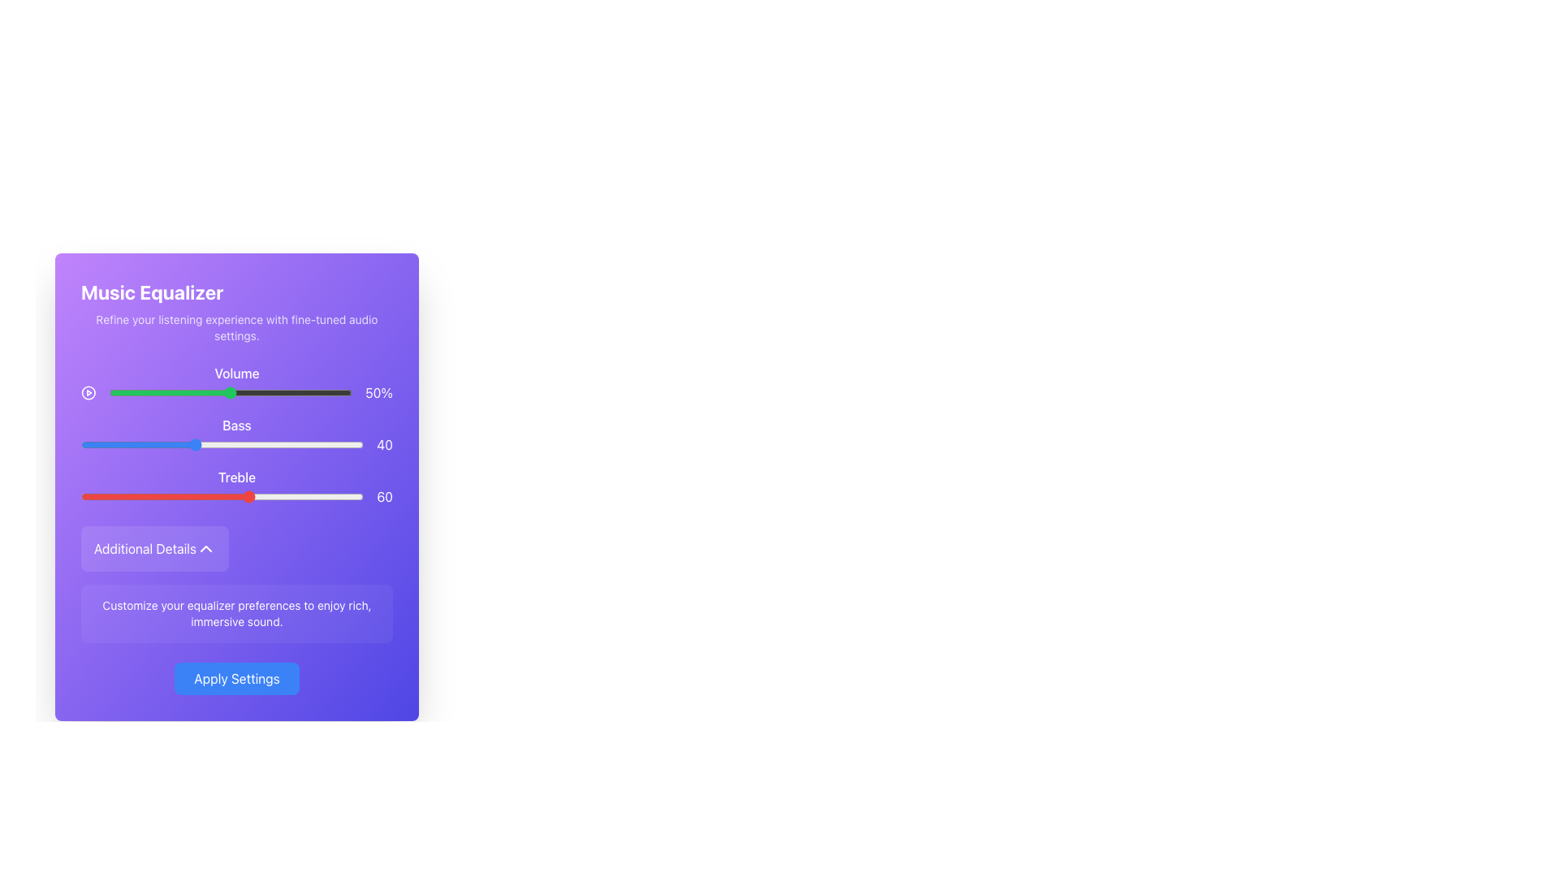 This screenshot has width=1559, height=877. Describe the element at coordinates (174, 444) in the screenshot. I see `the bass level` at that location.